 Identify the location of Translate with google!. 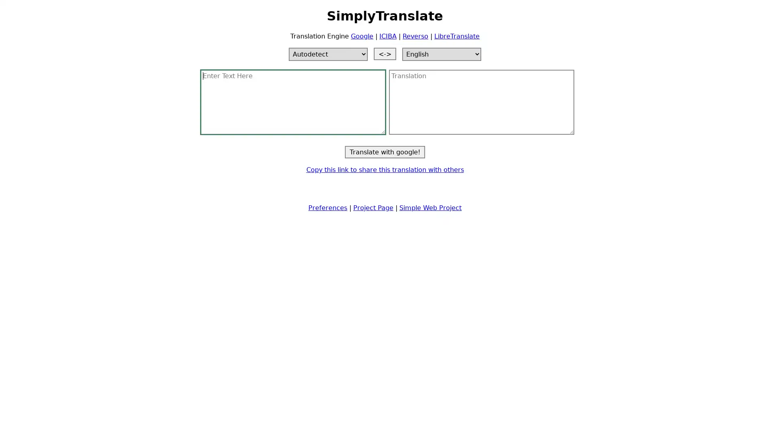
(385, 152).